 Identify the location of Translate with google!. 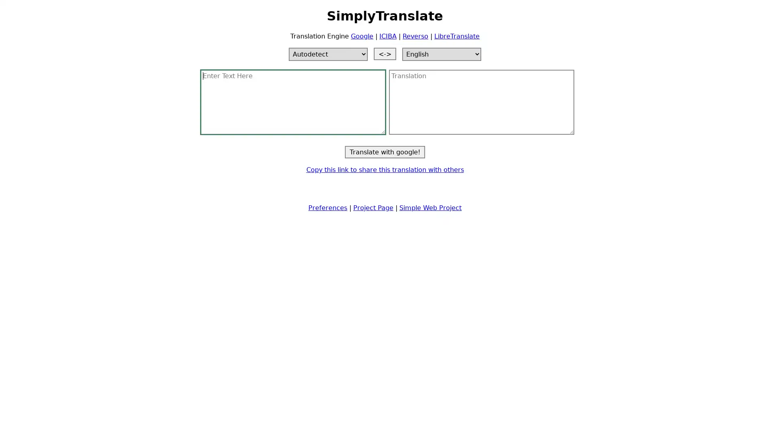
(385, 152).